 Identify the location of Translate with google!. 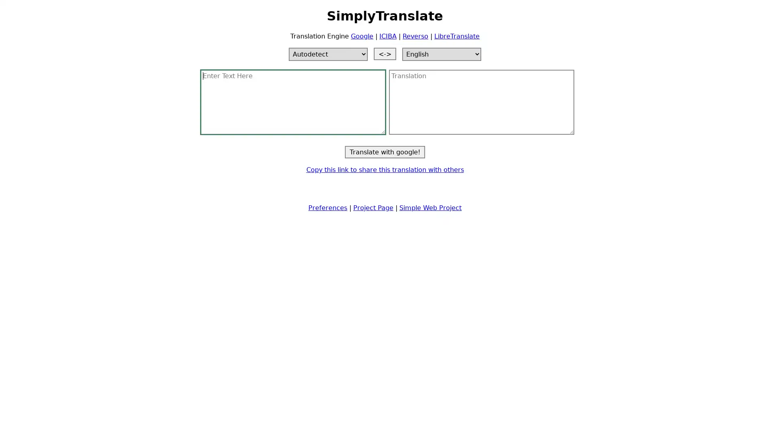
(385, 152).